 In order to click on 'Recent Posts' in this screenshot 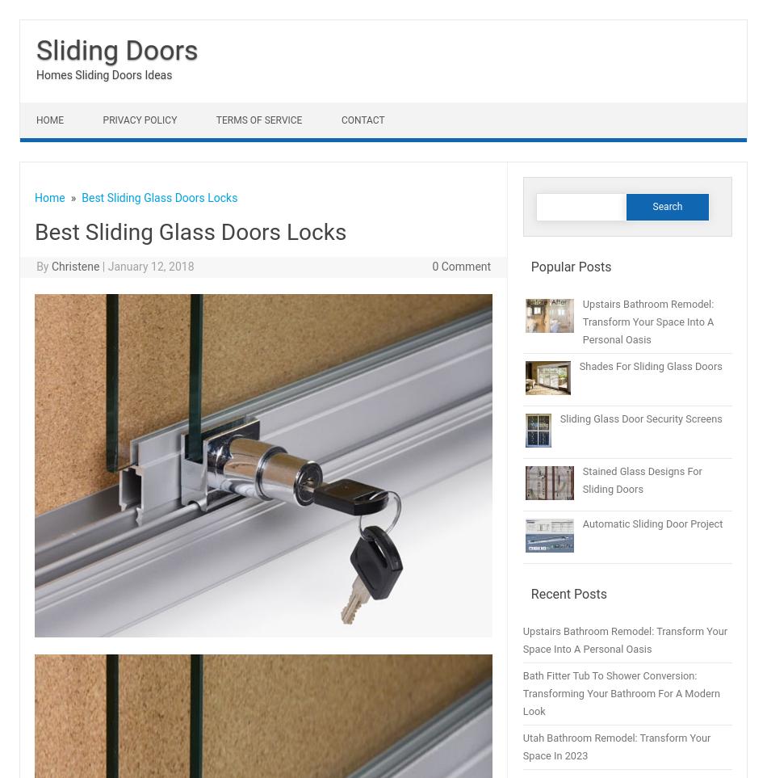, I will do `click(568, 593)`.